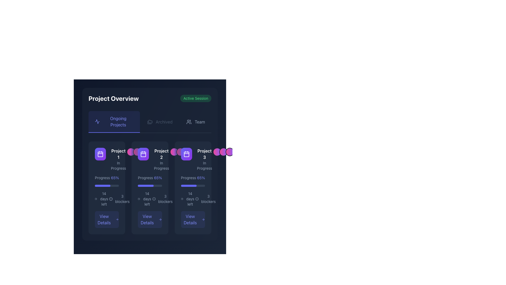 The width and height of the screenshot is (506, 285). Describe the element at coordinates (150, 188) in the screenshot. I see `the progress bar in the second card of the 'Ongoing Projects' section to gauge project completion` at that location.